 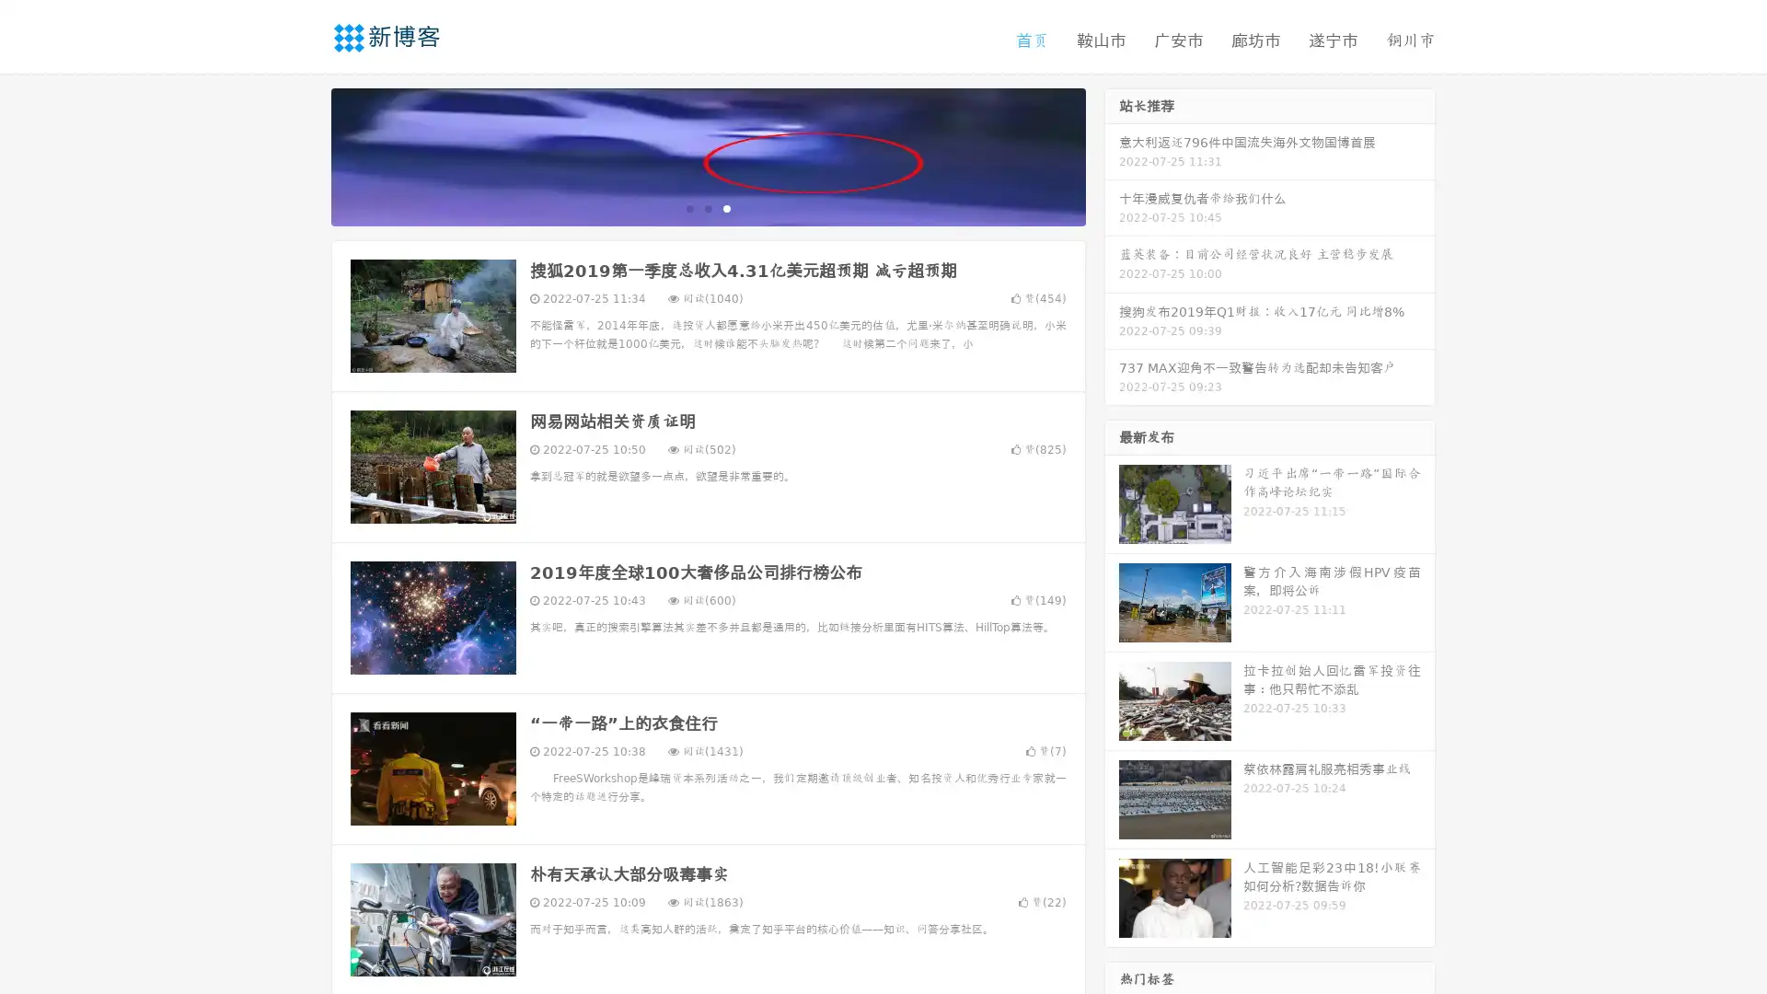 What do you see at coordinates (304, 155) in the screenshot?
I see `Previous slide` at bounding box center [304, 155].